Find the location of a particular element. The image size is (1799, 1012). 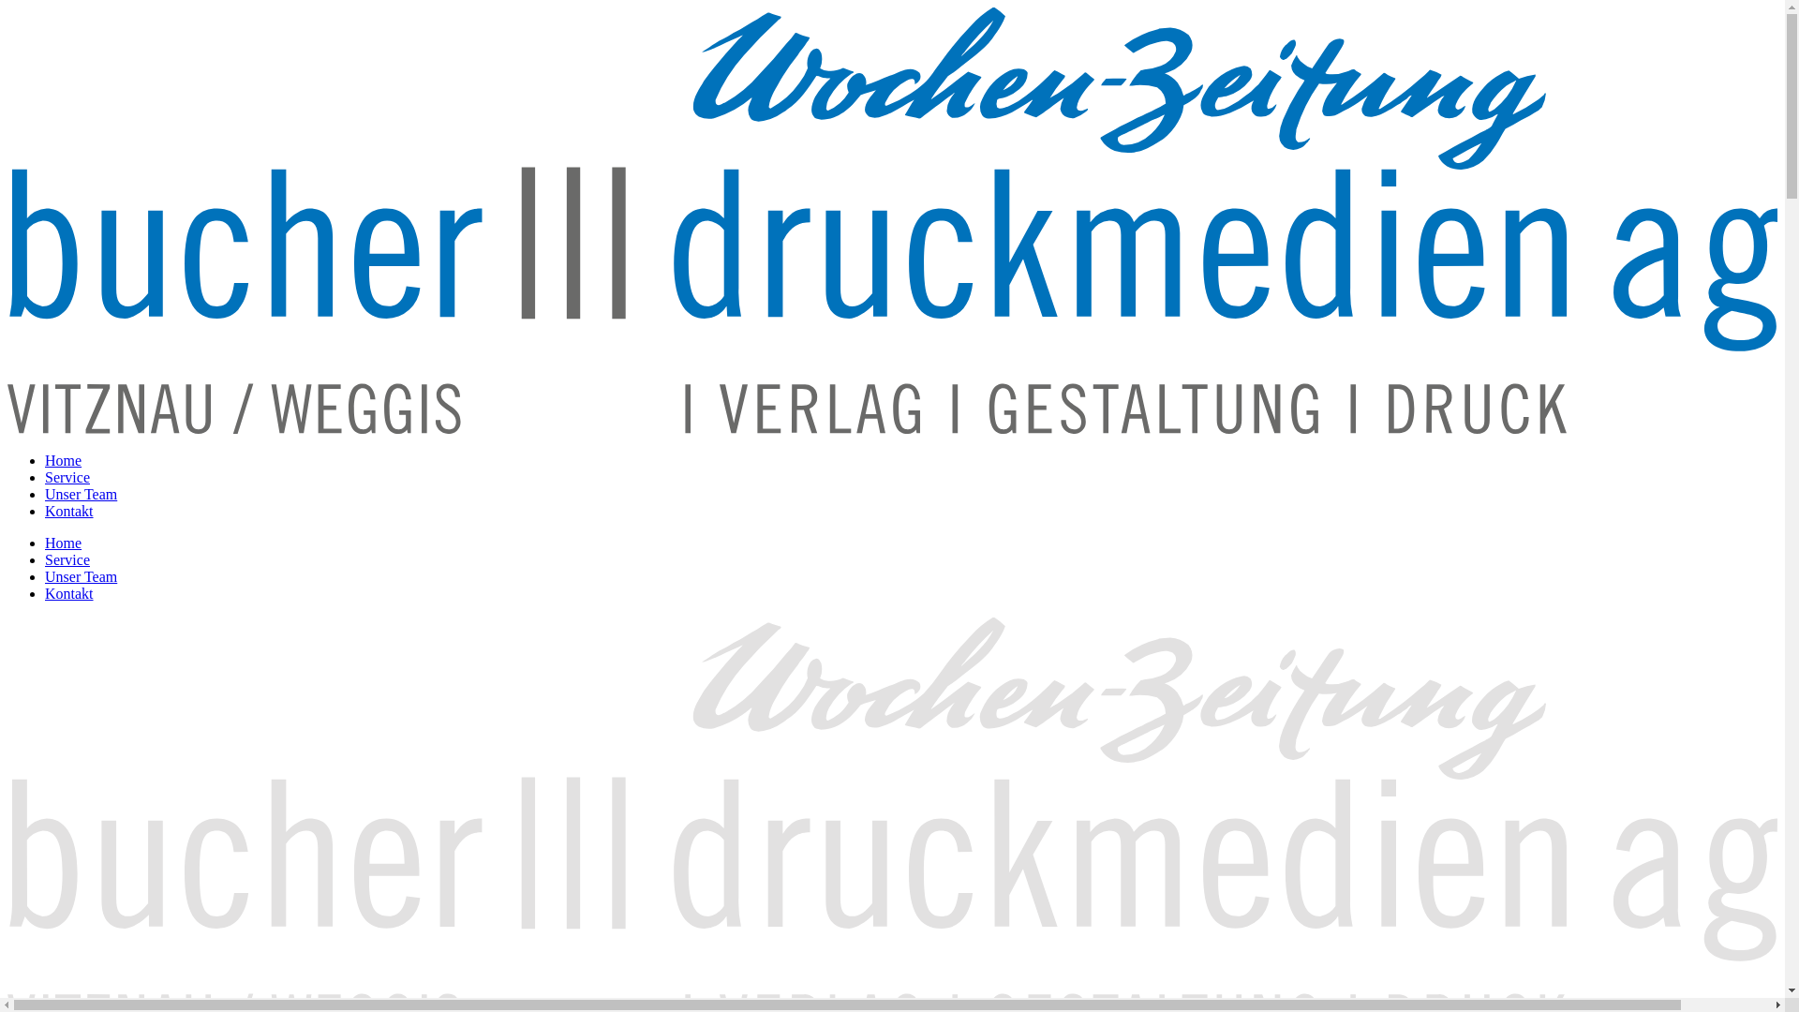

'Service' is located at coordinates (45, 476).